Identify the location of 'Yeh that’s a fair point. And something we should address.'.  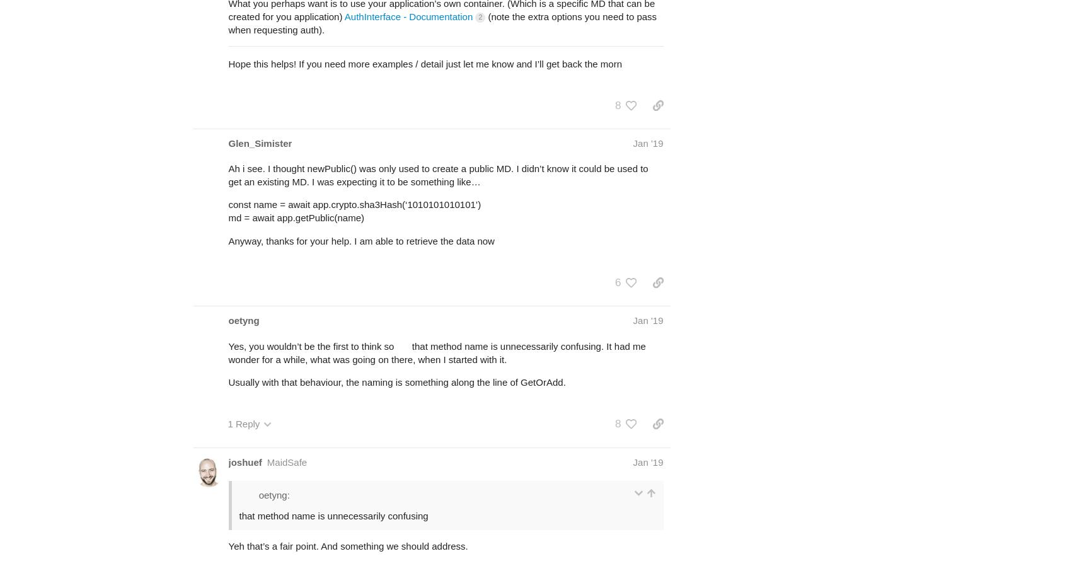
(347, 545).